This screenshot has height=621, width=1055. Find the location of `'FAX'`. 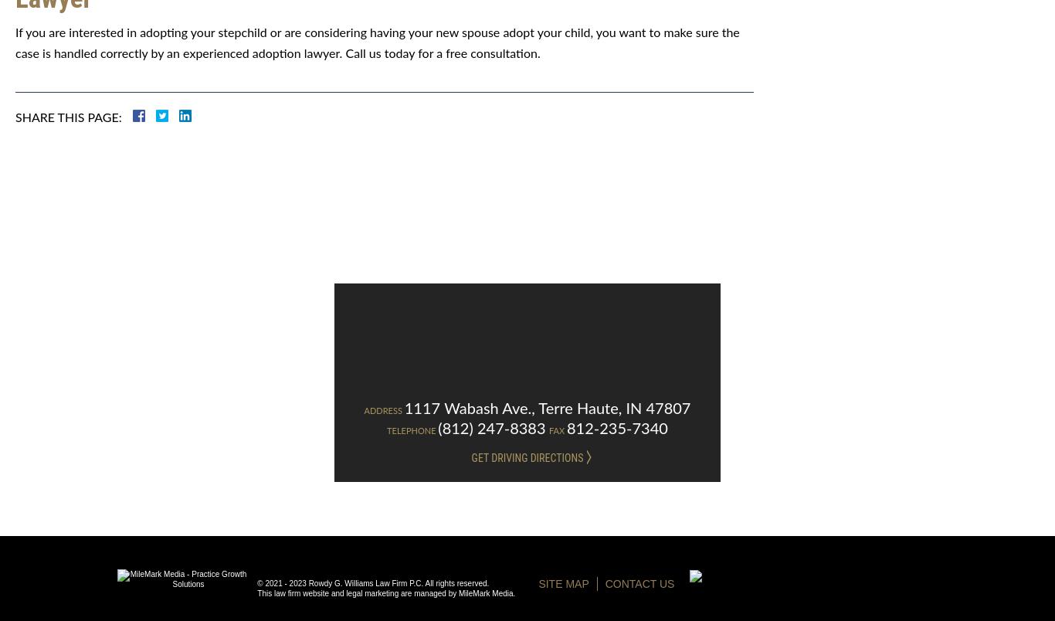

'FAX' is located at coordinates (558, 430).